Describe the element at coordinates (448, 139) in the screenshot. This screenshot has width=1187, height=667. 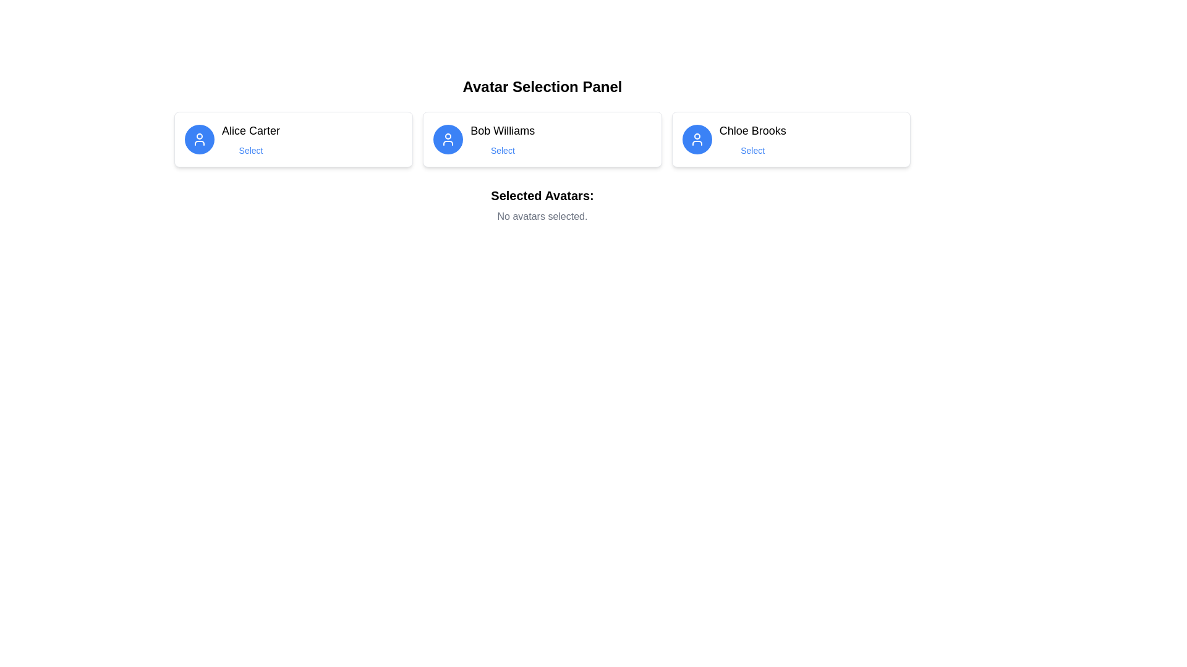
I see `the user icon with a circular blue background and a white silhouette of a person, located at the top center of the 'Bob Williams' card` at that location.